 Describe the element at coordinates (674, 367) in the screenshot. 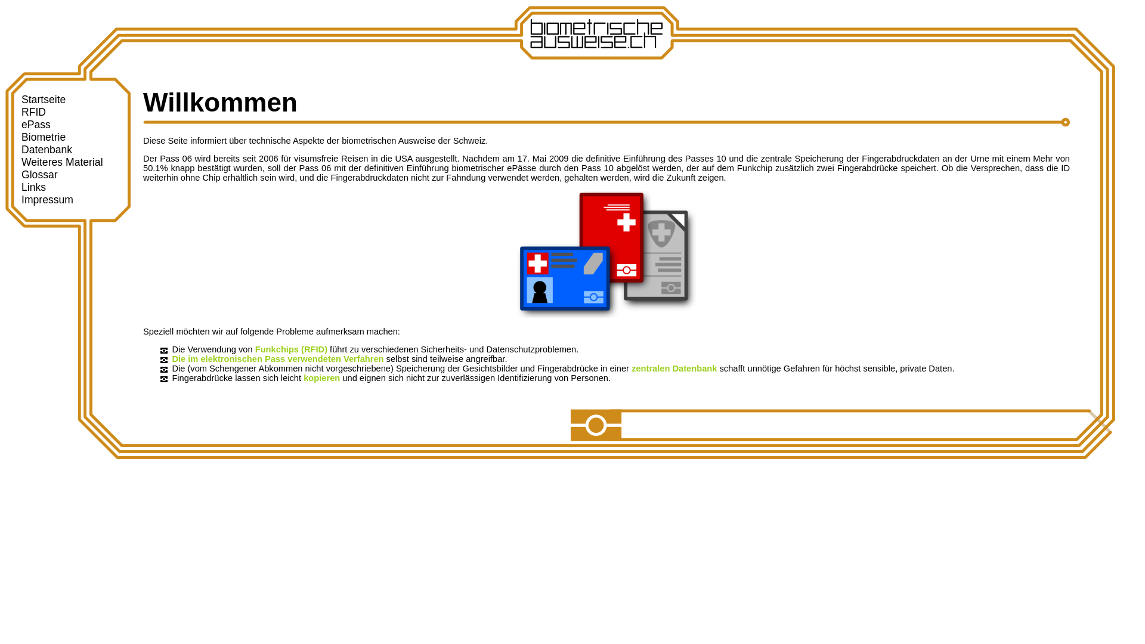

I see `'zentralen Datenbank'` at that location.